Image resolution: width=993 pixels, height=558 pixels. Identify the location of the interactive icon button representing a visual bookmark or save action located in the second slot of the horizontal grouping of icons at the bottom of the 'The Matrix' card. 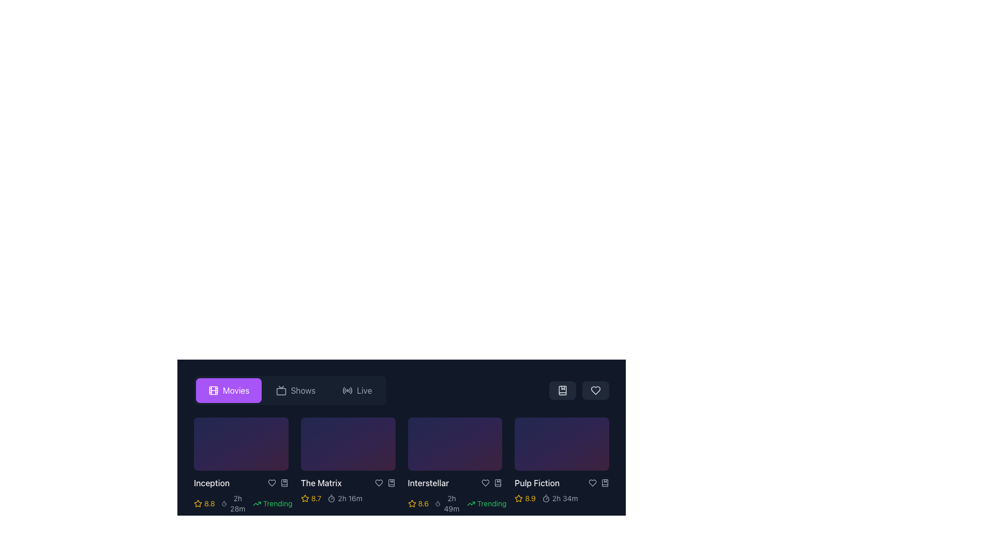
(284, 483).